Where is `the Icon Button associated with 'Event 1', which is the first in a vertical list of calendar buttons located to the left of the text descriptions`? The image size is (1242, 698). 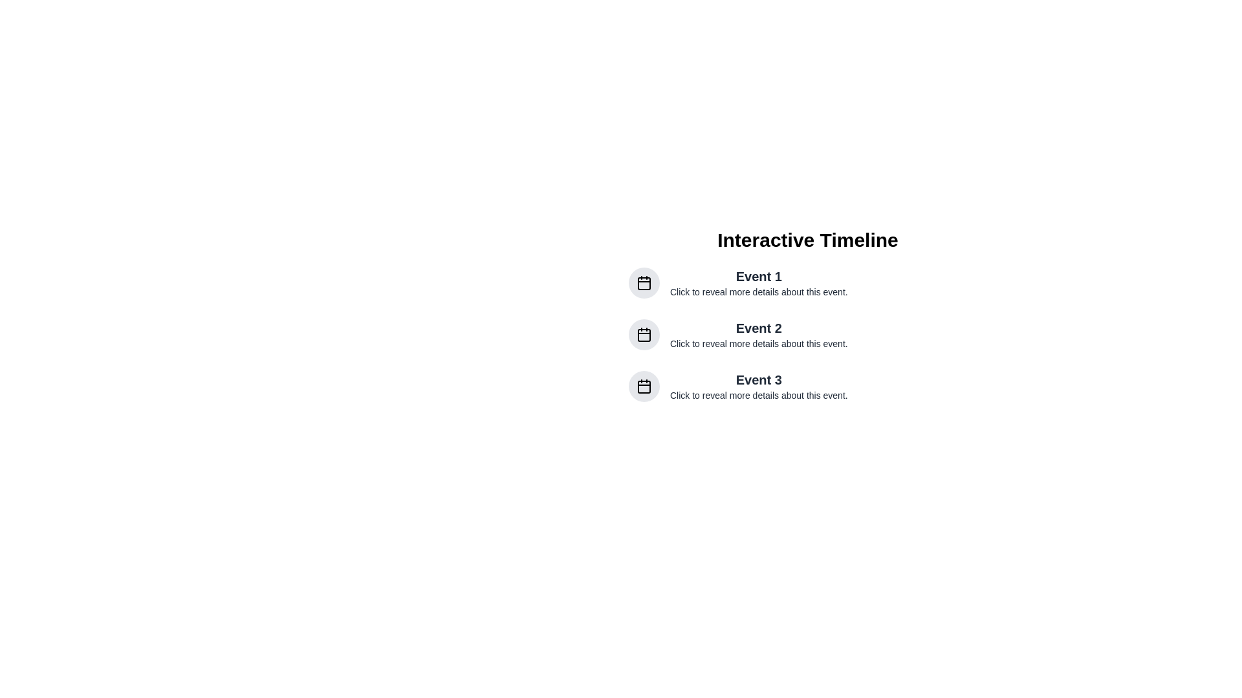
the Icon Button associated with 'Event 1', which is the first in a vertical list of calendar buttons located to the left of the text descriptions is located at coordinates (644, 282).